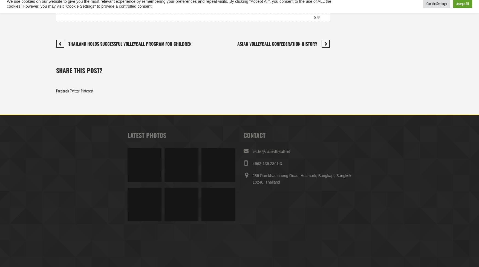 Image resolution: width=479 pixels, height=267 pixels. Describe the element at coordinates (277, 43) in the screenshot. I see `'ASIAN VOLLEYBALL CONFEDERATION HISTORY'` at that location.